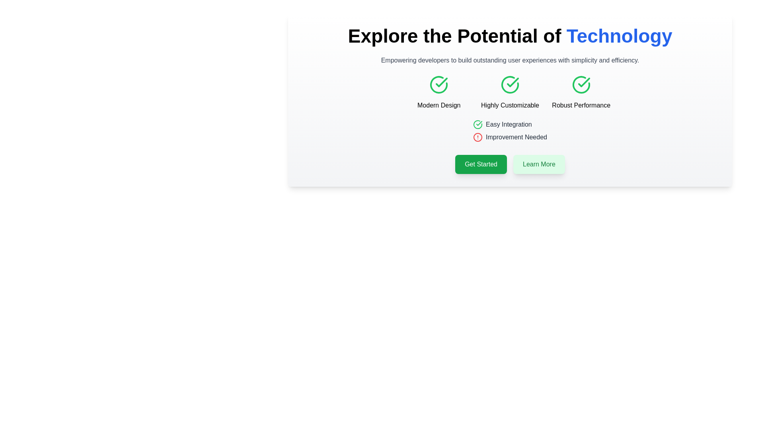 The height and width of the screenshot is (430, 764). I want to click on the button located to the right of the 'Get Started' button, which serves as a call-to-action for accessing additional information about the promotional content, so click(539, 164).